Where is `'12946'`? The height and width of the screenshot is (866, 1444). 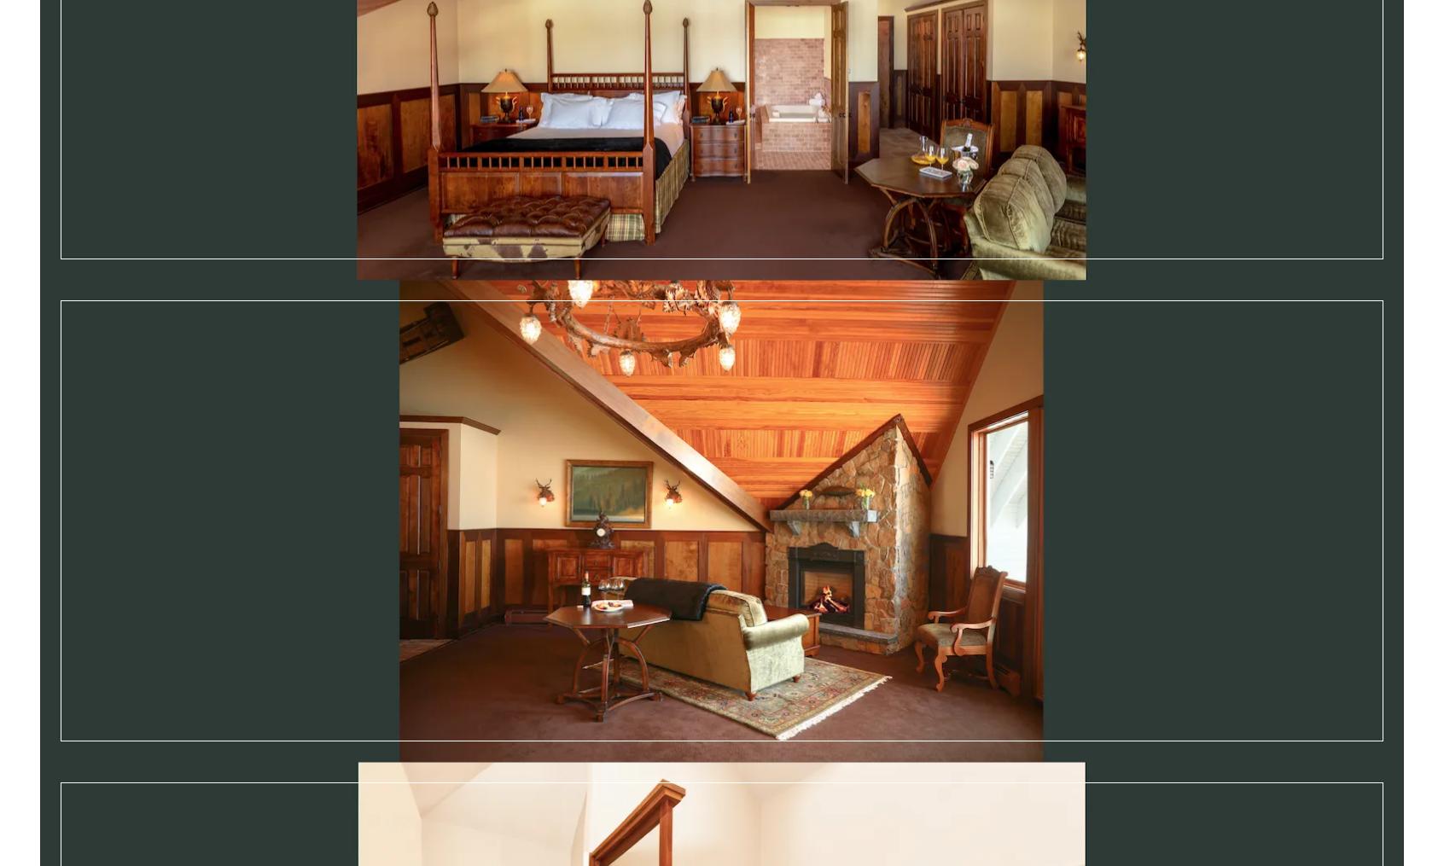
'12946' is located at coordinates (220, 811).